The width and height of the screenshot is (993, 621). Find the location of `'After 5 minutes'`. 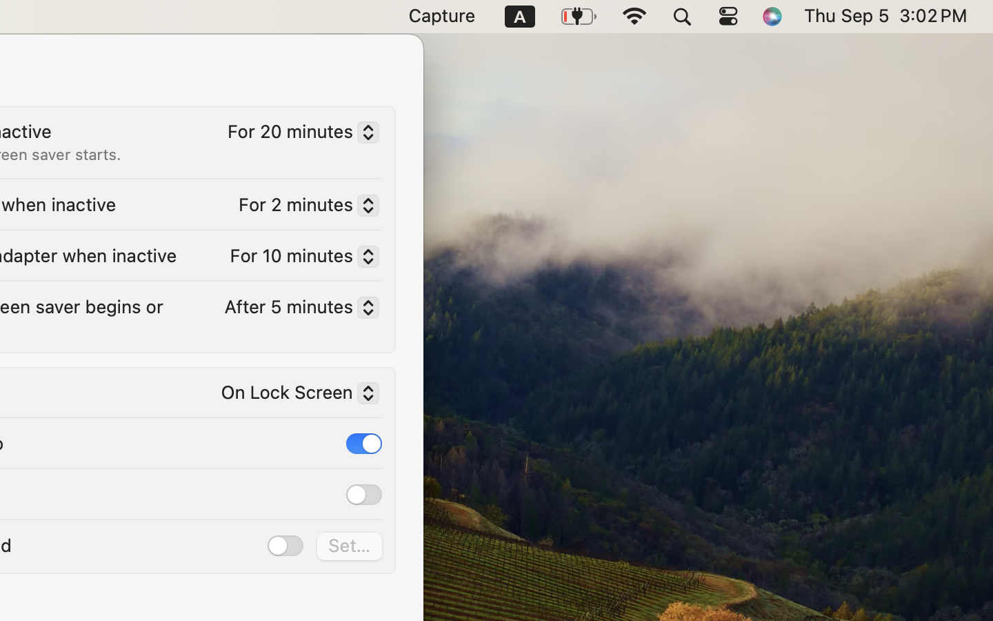

'After 5 minutes' is located at coordinates (295, 310).